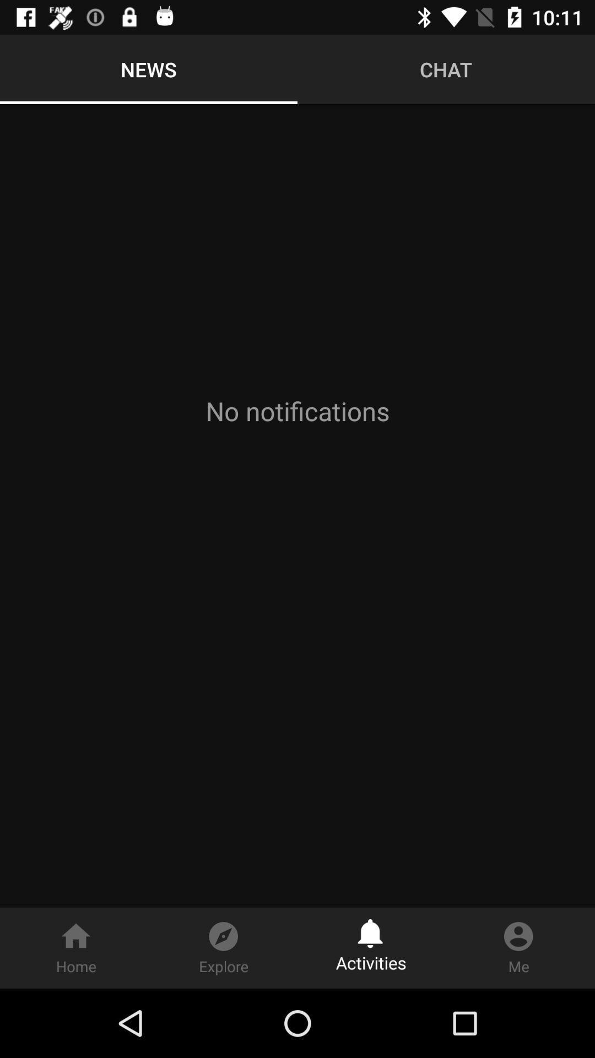 The height and width of the screenshot is (1058, 595). What do you see at coordinates (371, 929) in the screenshot?
I see `the bell icon` at bounding box center [371, 929].